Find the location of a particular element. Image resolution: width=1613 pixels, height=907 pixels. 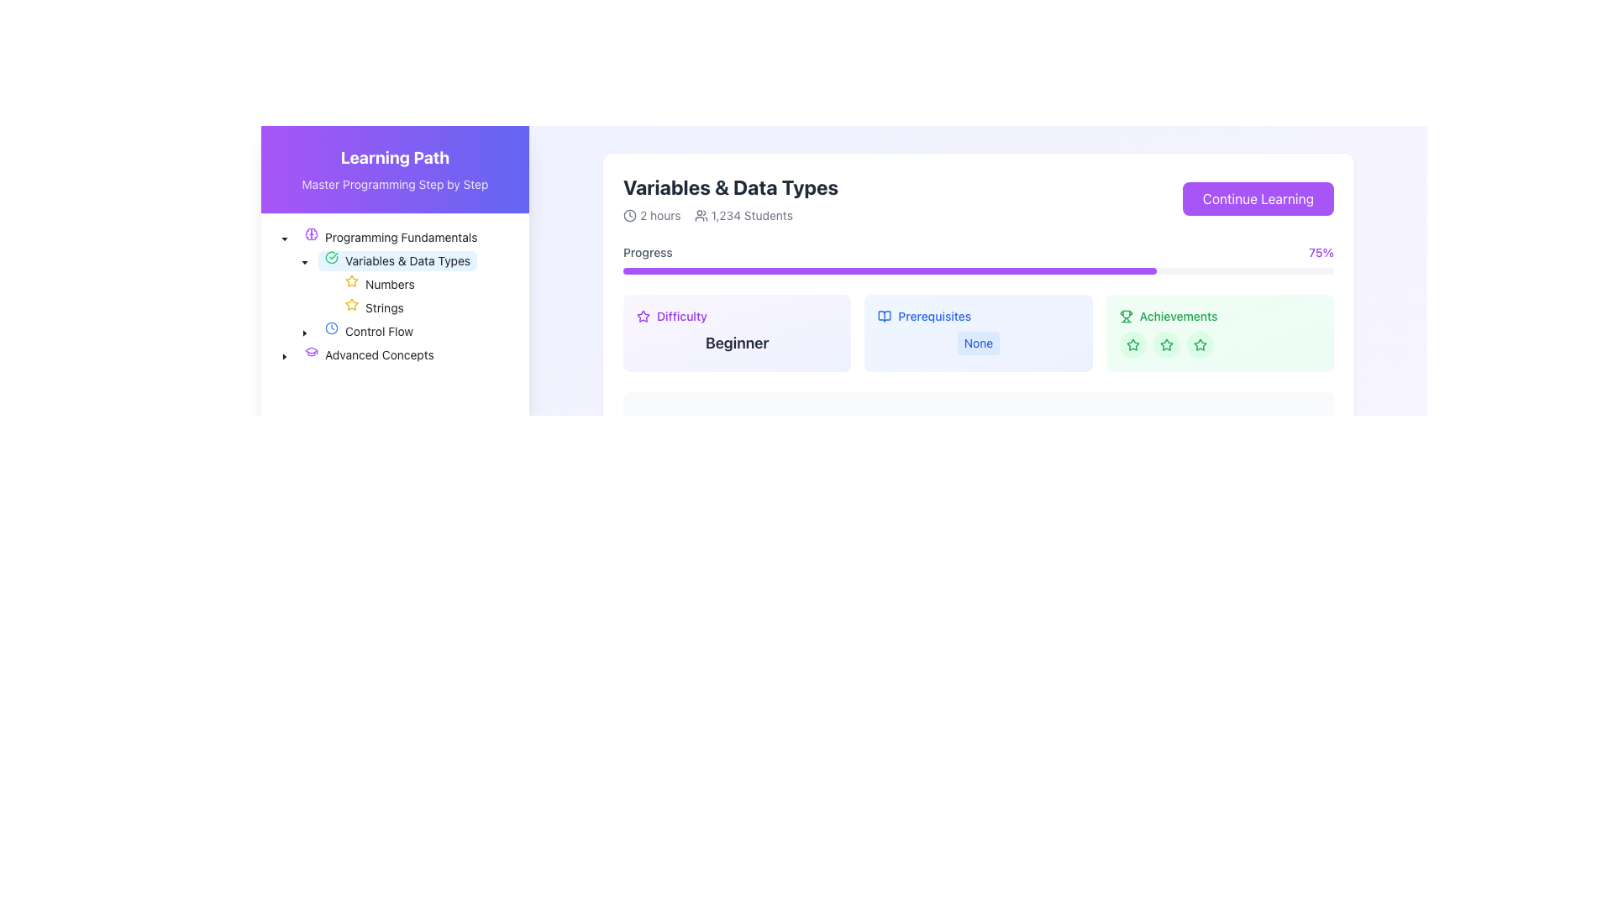

the dropdown caret icon located in the navigation panel is located at coordinates (305, 333).